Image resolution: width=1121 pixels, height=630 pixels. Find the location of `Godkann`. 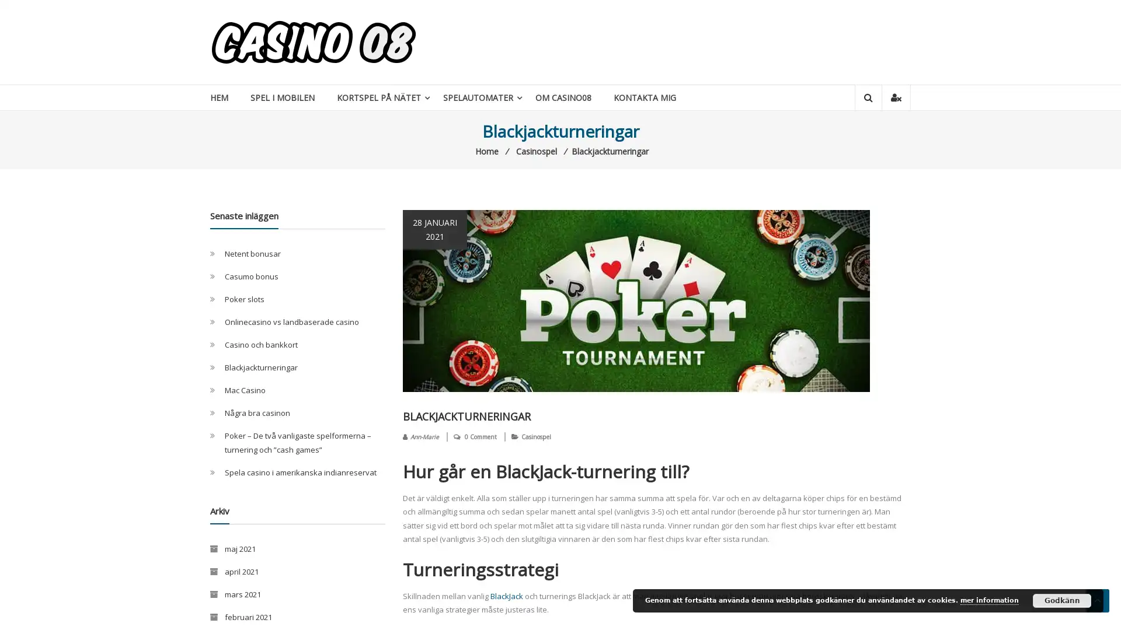

Godkann is located at coordinates (1062, 600).